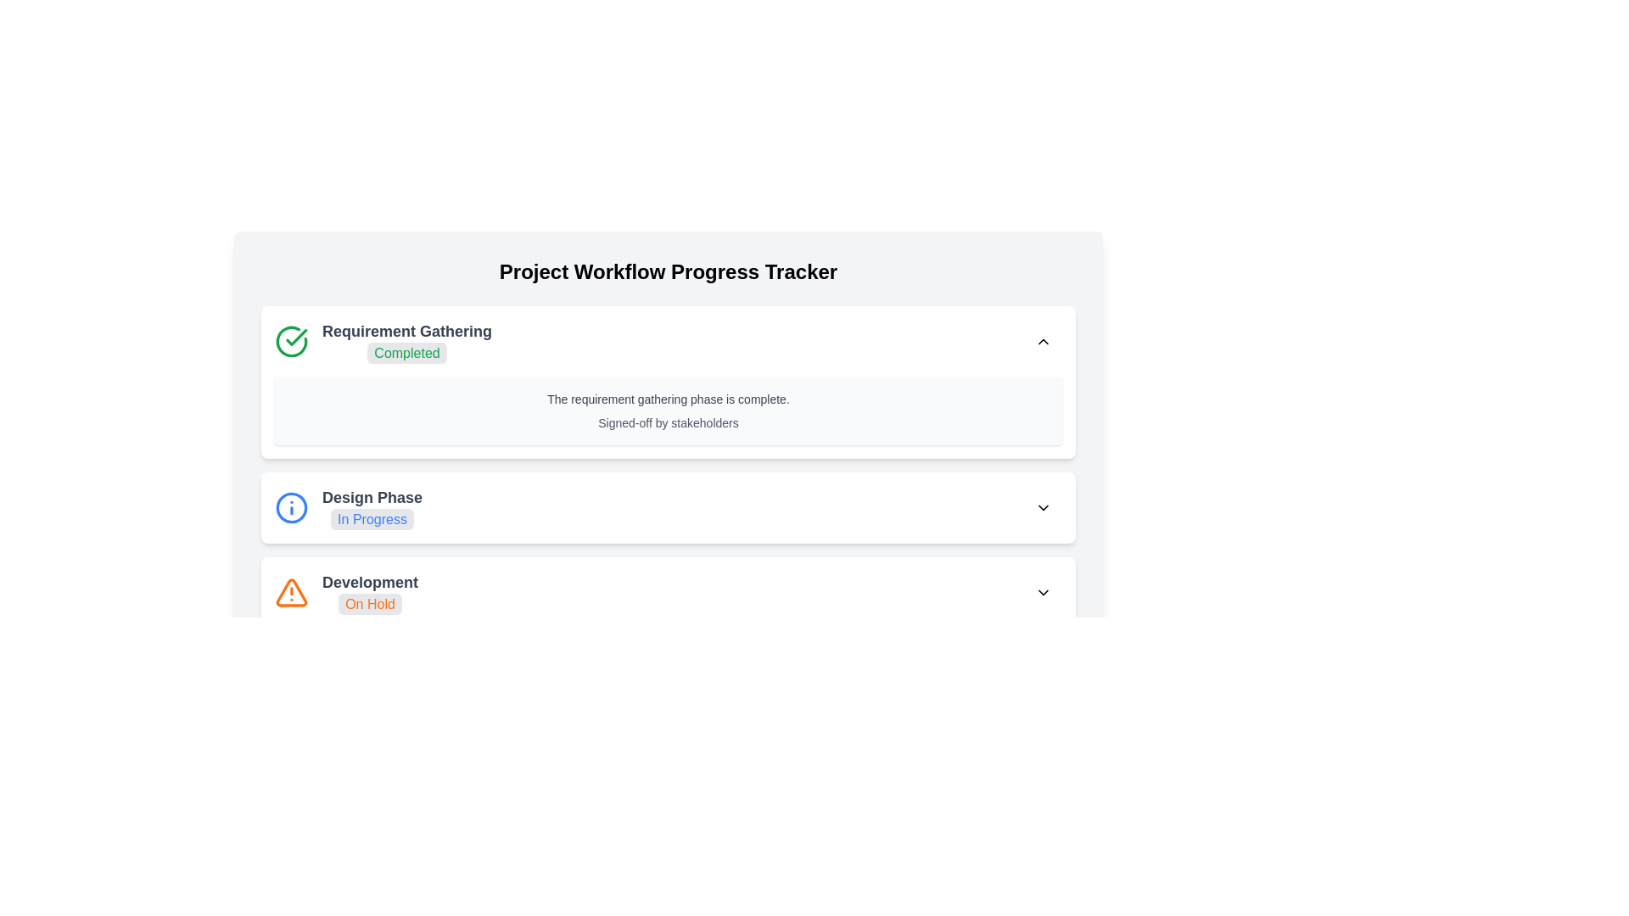 The image size is (1629, 916). I want to click on the downward-facing chevron icon button, which is styled with a minimalistic hollow design and located to the right of the 'Development' section, so click(1042, 591).